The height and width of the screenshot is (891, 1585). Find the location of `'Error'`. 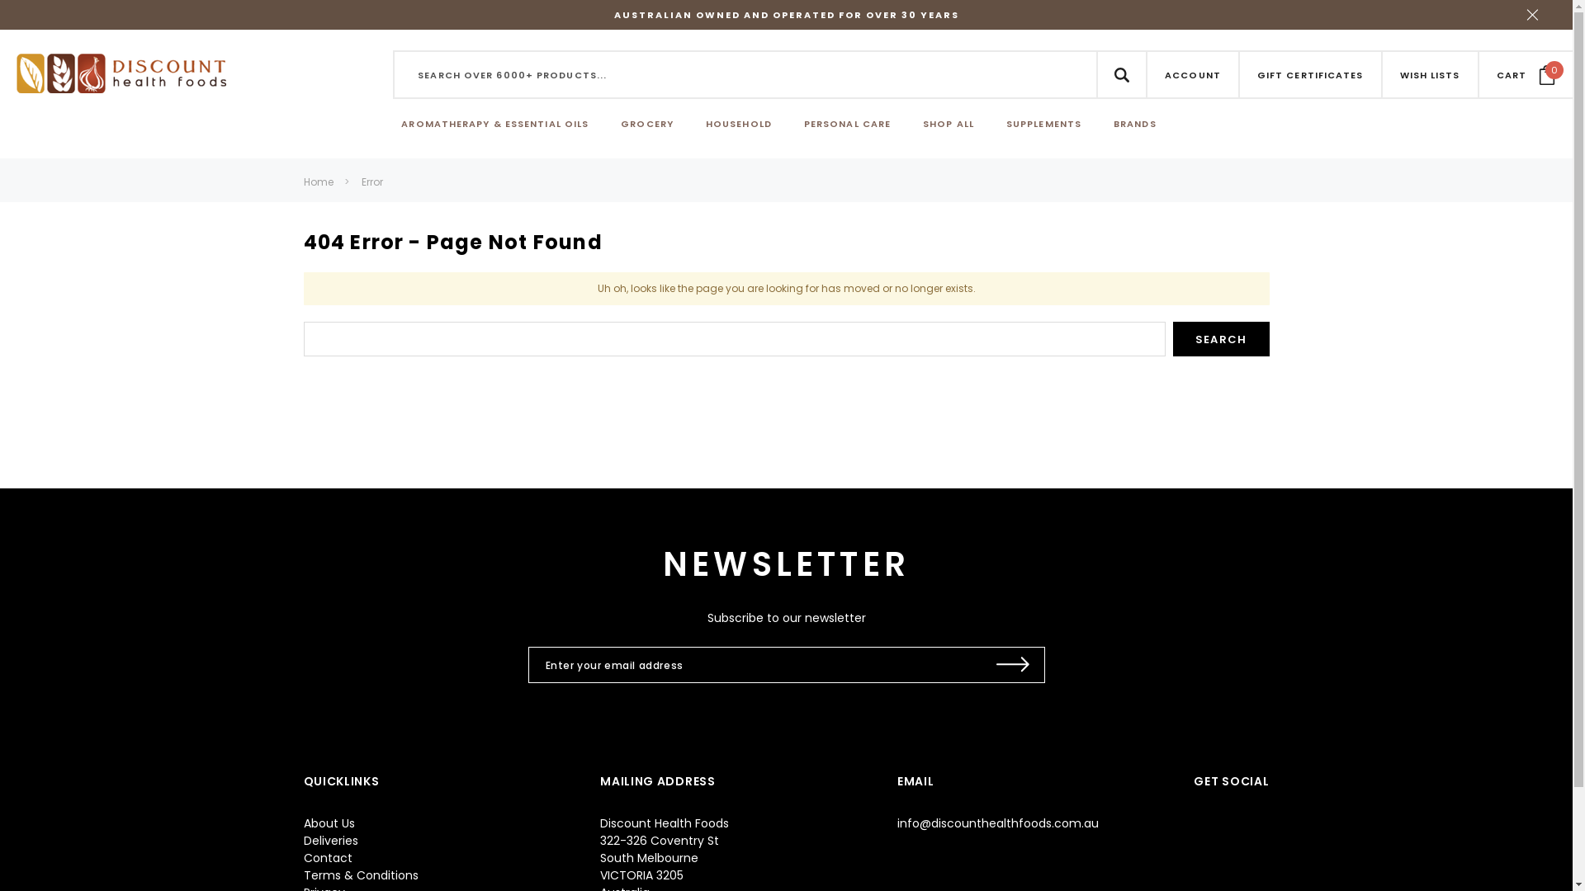

'Error' is located at coordinates (371, 181).